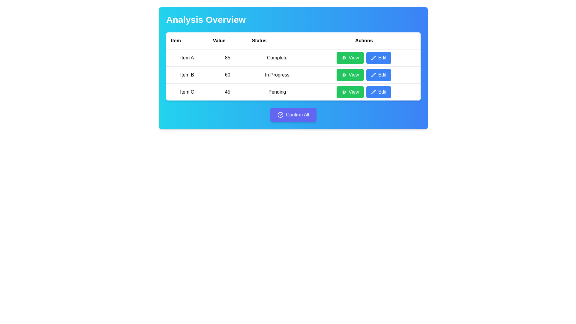 The width and height of the screenshot is (576, 324). I want to click on the edit button located in the 'Actions' column of the table, positioned to the right of the 'View' button, so click(378, 58).